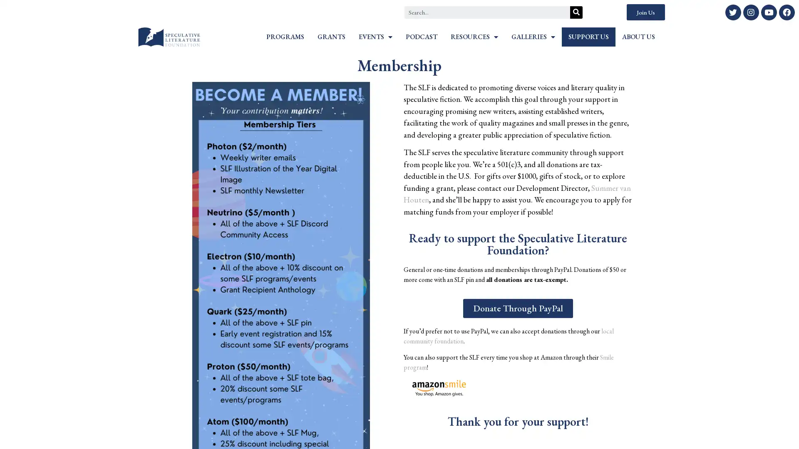 Image resolution: width=799 pixels, height=449 pixels. What do you see at coordinates (576, 12) in the screenshot?
I see `Search` at bounding box center [576, 12].